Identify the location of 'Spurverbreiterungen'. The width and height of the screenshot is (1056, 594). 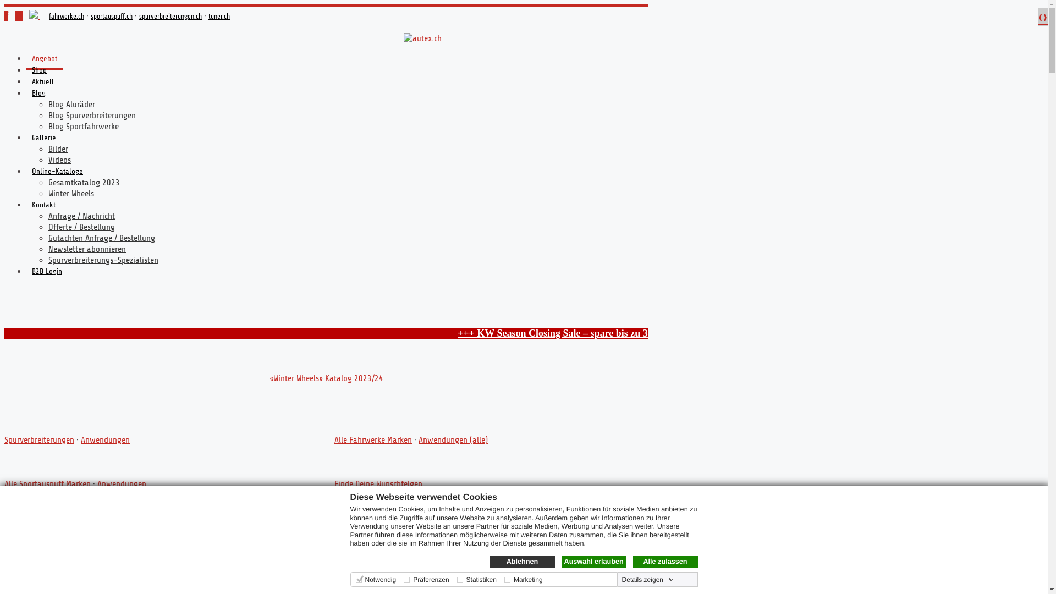
(4, 439).